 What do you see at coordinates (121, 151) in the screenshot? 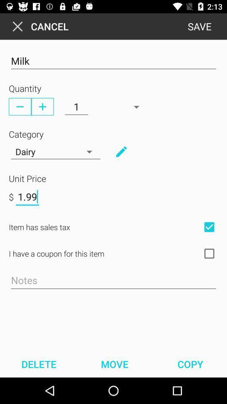
I see `get drop down menu` at bounding box center [121, 151].